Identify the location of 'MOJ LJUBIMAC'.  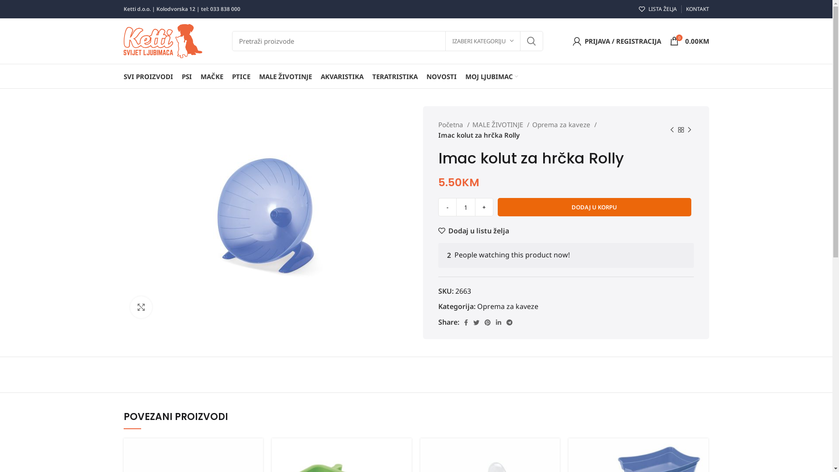
(491, 75).